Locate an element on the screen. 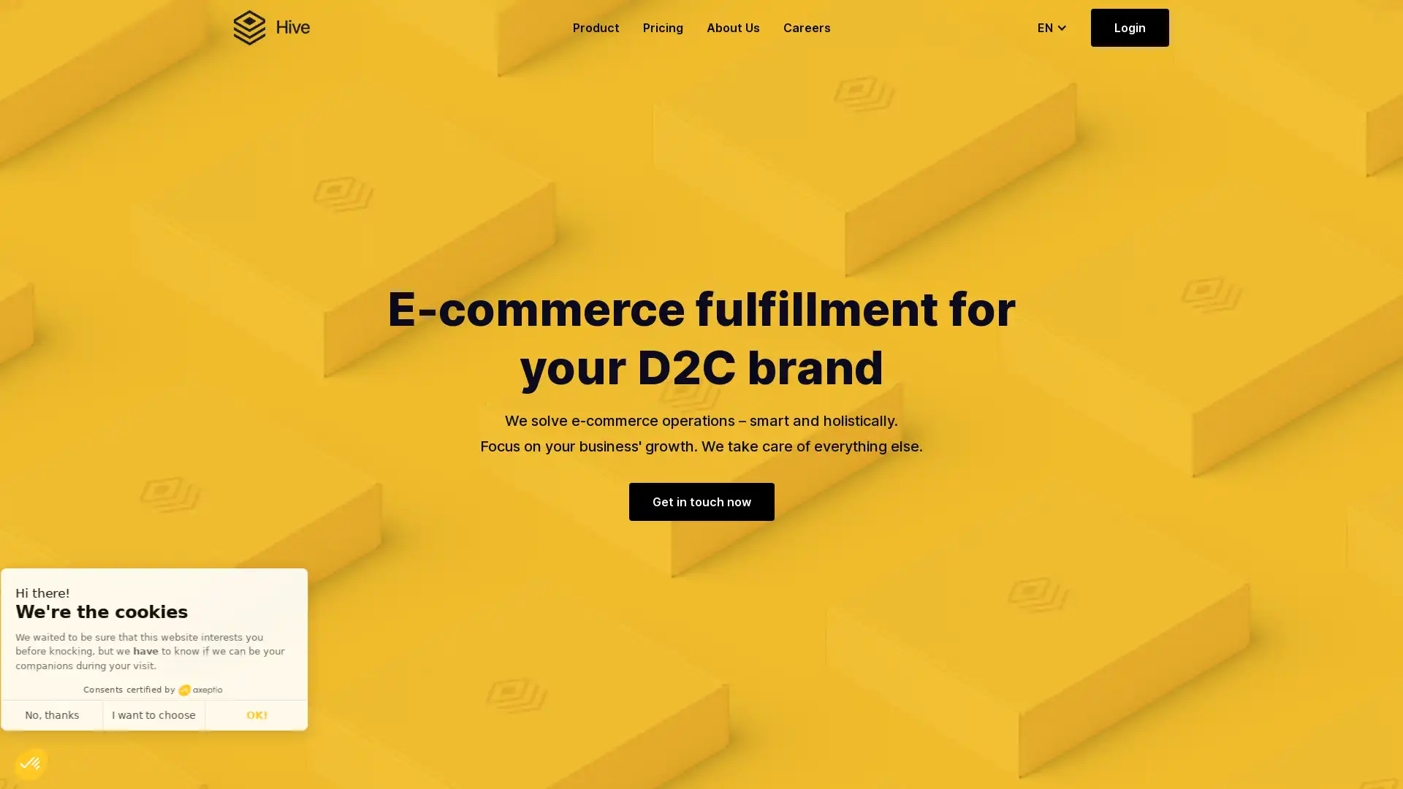 The image size is (1403, 789). Continue and decide later is located at coordinates (31, 763).